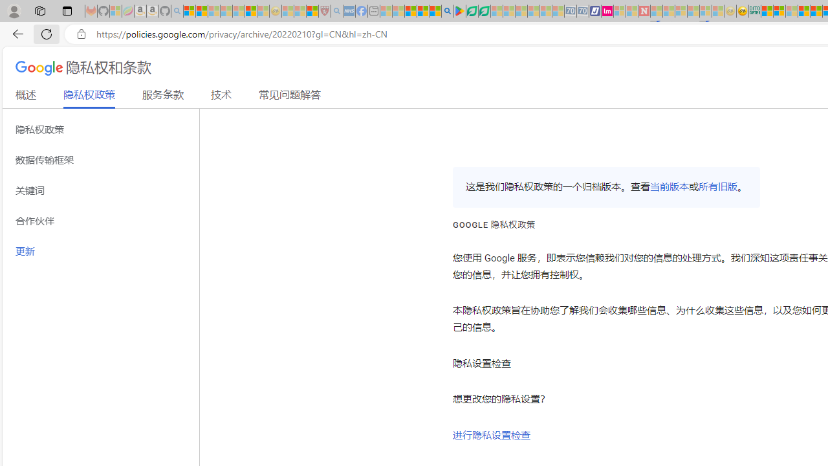 The height and width of the screenshot is (466, 828). What do you see at coordinates (312, 11) in the screenshot?
I see `'Local - MSN'` at bounding box center [312, 11].